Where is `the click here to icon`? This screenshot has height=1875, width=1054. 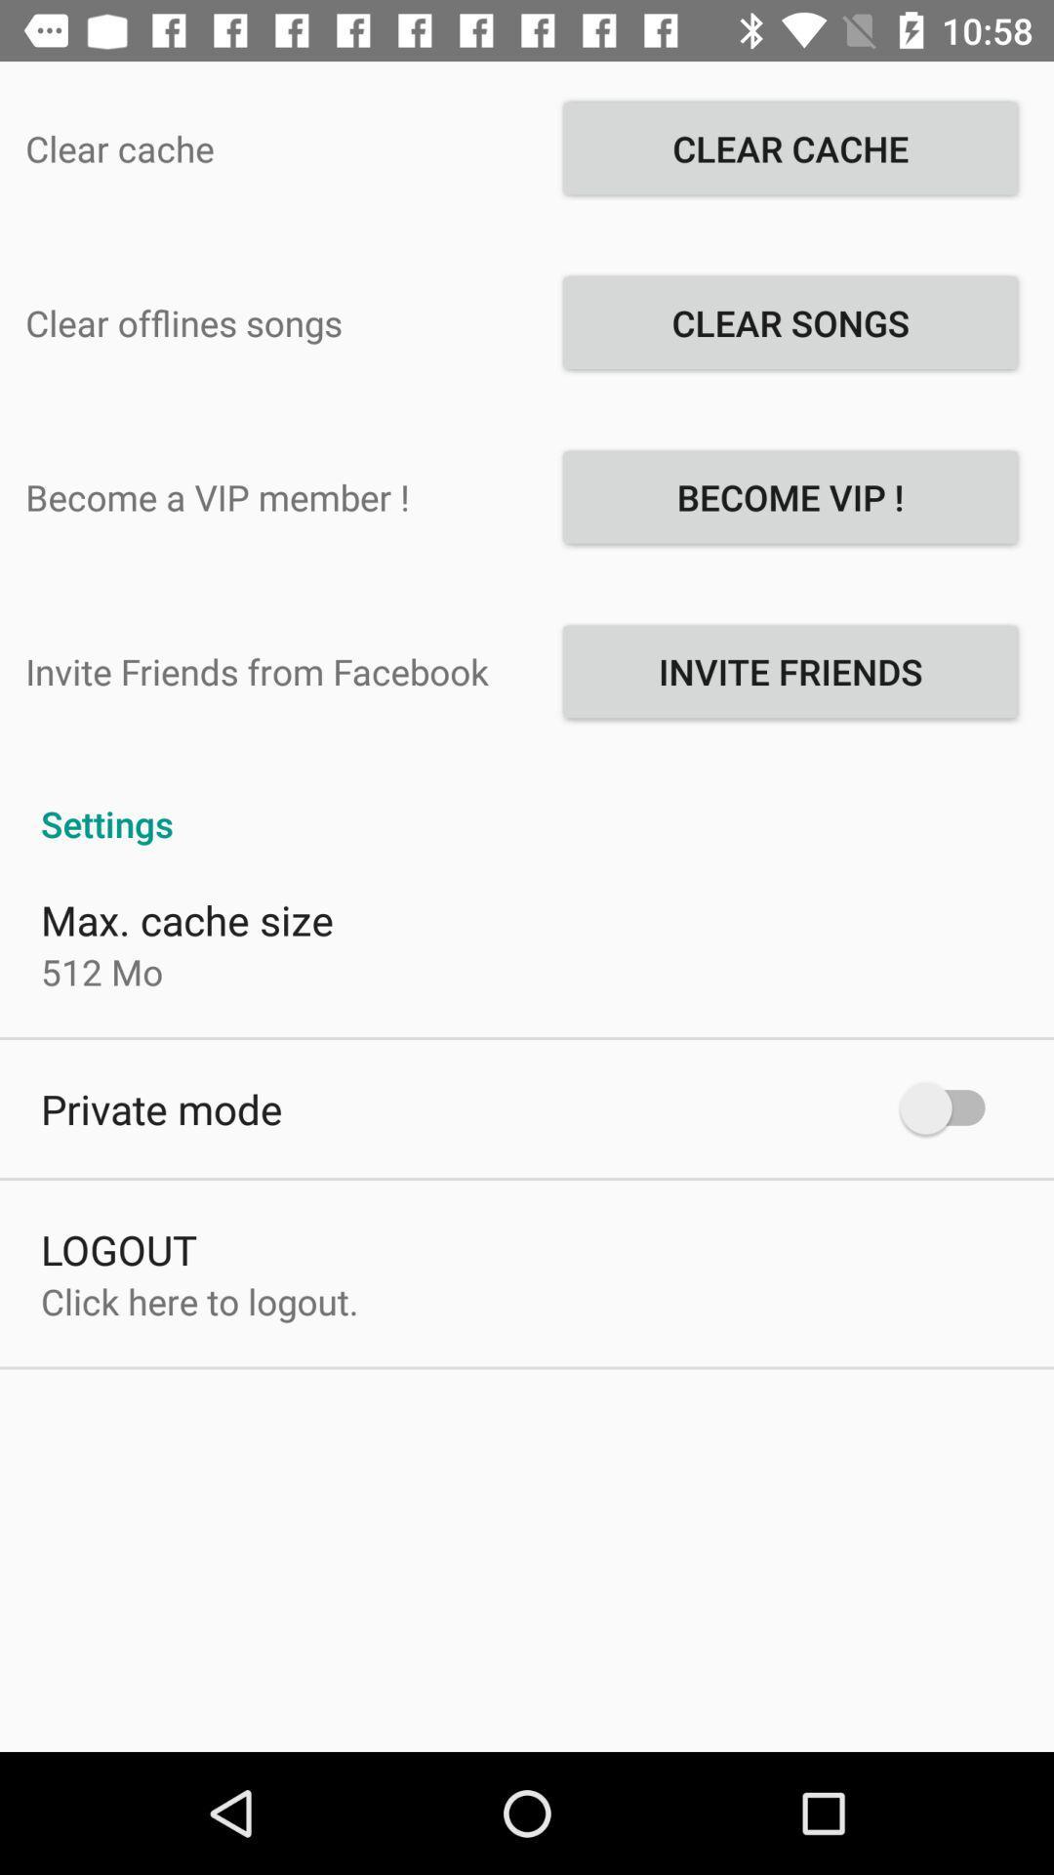 the click here to icon is located at coordinates (199, 1301).